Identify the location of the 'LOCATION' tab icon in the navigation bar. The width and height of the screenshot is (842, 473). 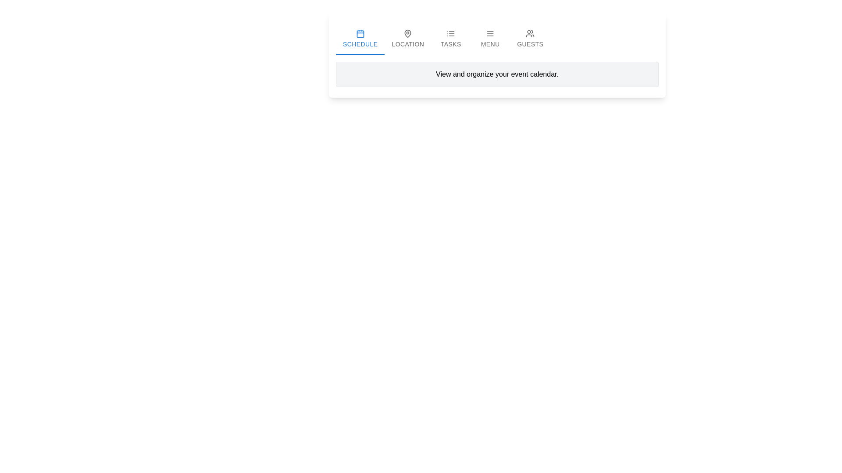
(407, 33).